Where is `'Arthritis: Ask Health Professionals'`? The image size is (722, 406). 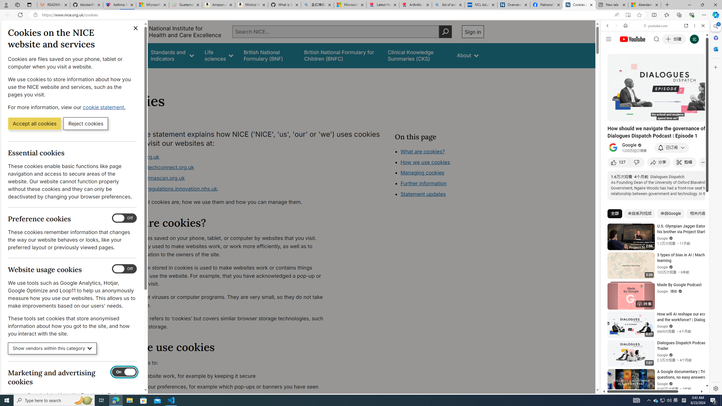
'Arthritis: Ask Health Professionals' is located at coordinates (415, 5).